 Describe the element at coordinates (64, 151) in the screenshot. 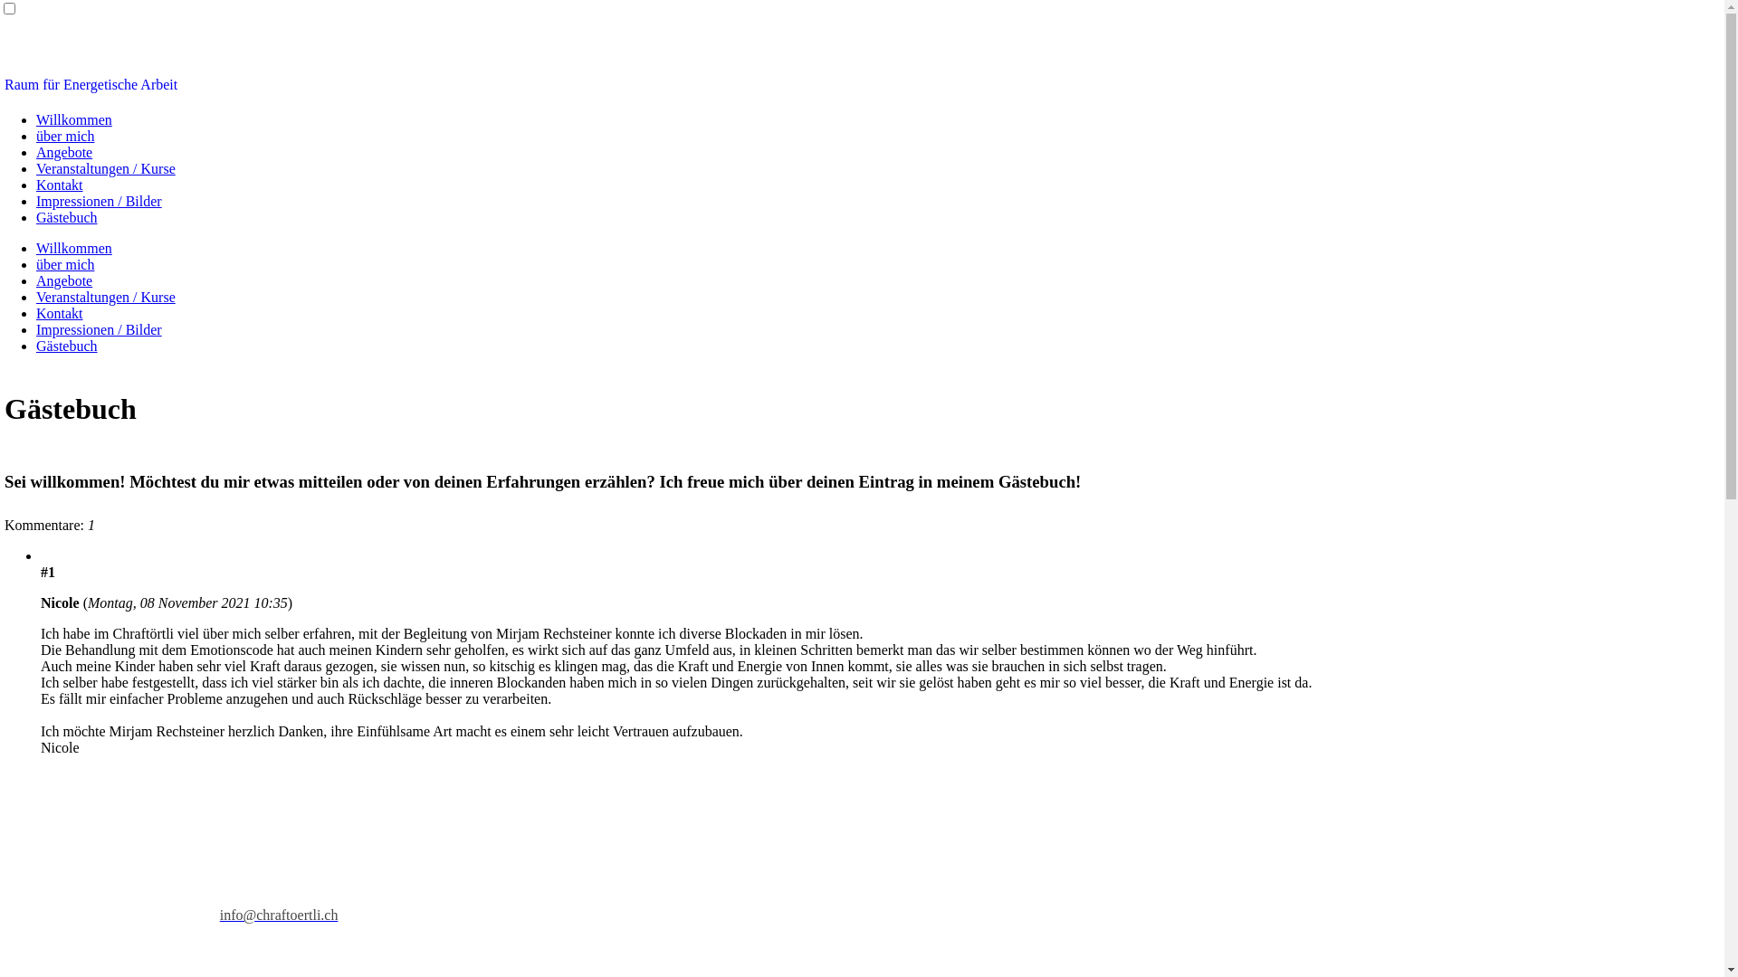

I see `'Angebote'` at that location.